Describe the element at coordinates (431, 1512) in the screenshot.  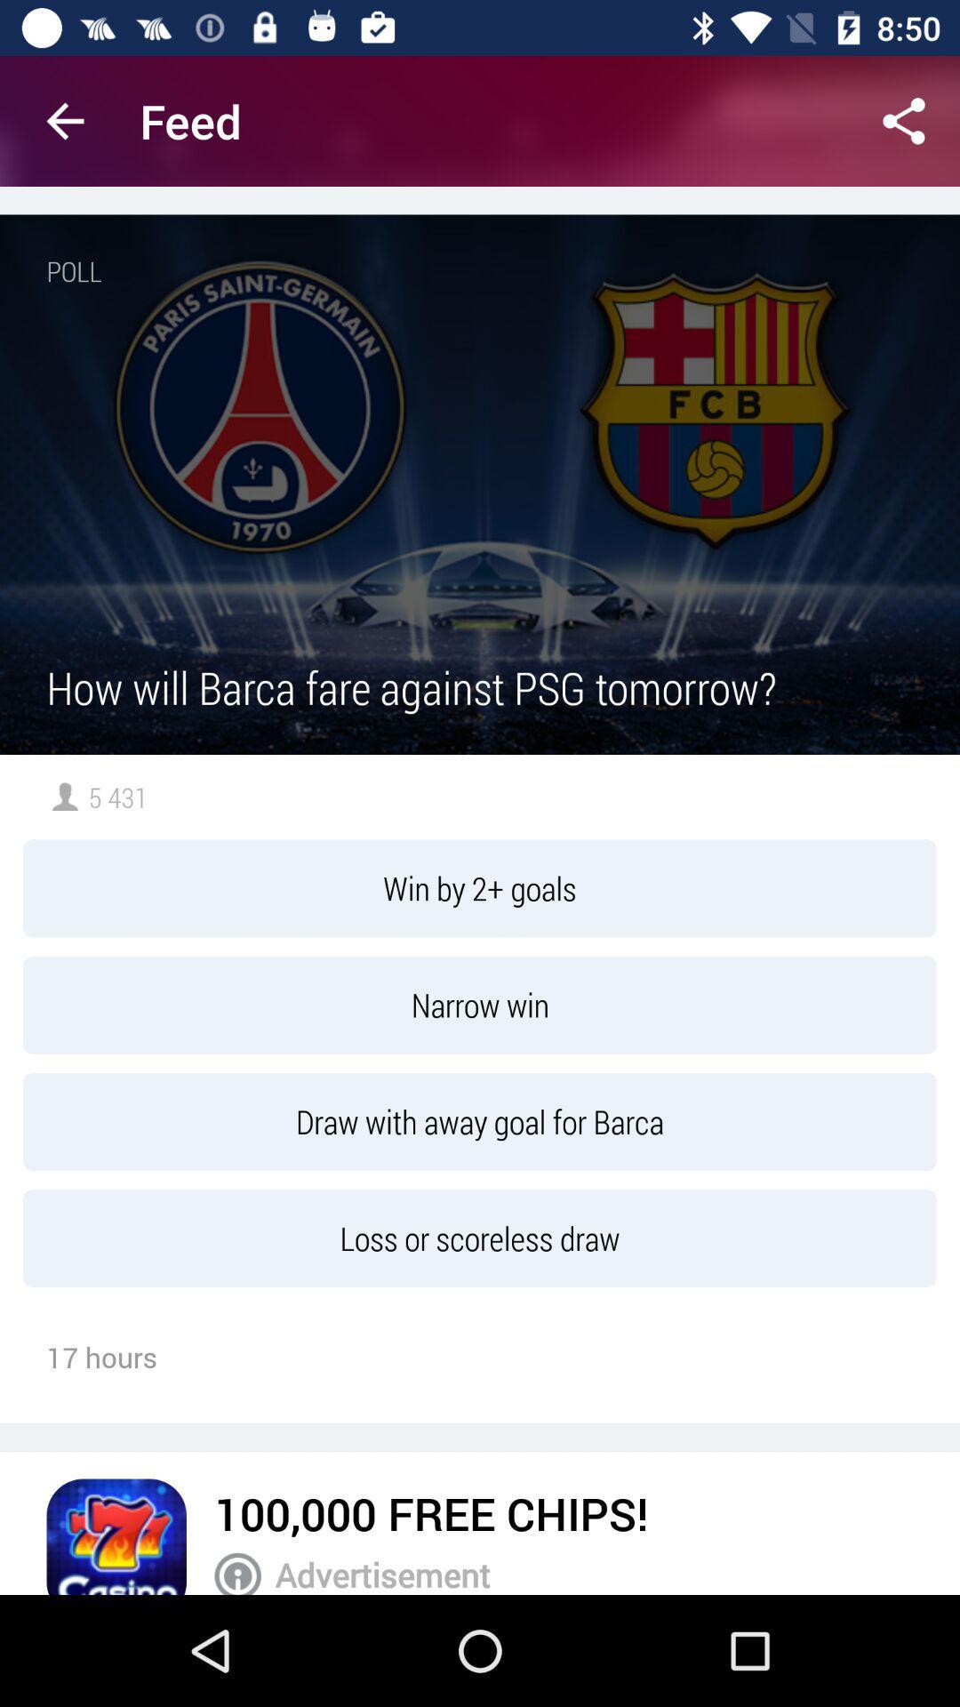
I see `the 100 000 free` at that location.